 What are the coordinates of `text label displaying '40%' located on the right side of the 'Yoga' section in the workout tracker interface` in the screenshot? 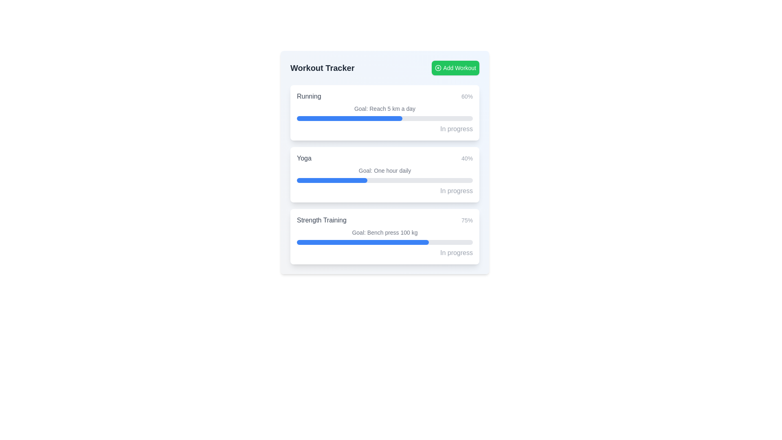 It's located at (467, 158).